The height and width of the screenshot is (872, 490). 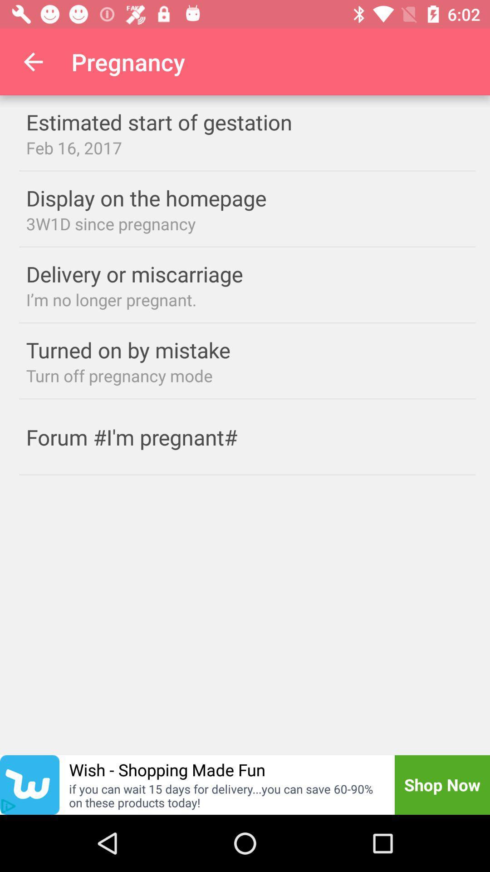 I want to click on open wish app, so click(x=29, y=784).